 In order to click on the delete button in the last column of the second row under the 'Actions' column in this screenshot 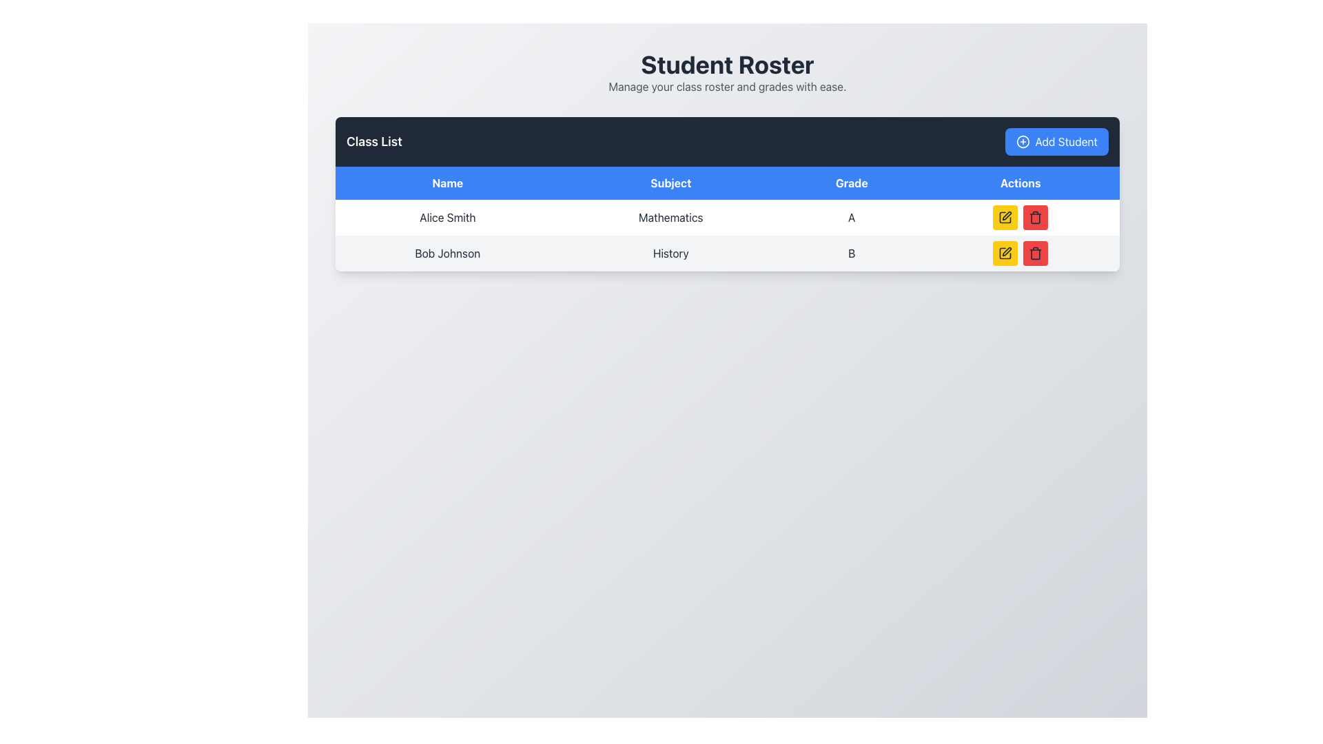, I will do `click(1036, 218)`.